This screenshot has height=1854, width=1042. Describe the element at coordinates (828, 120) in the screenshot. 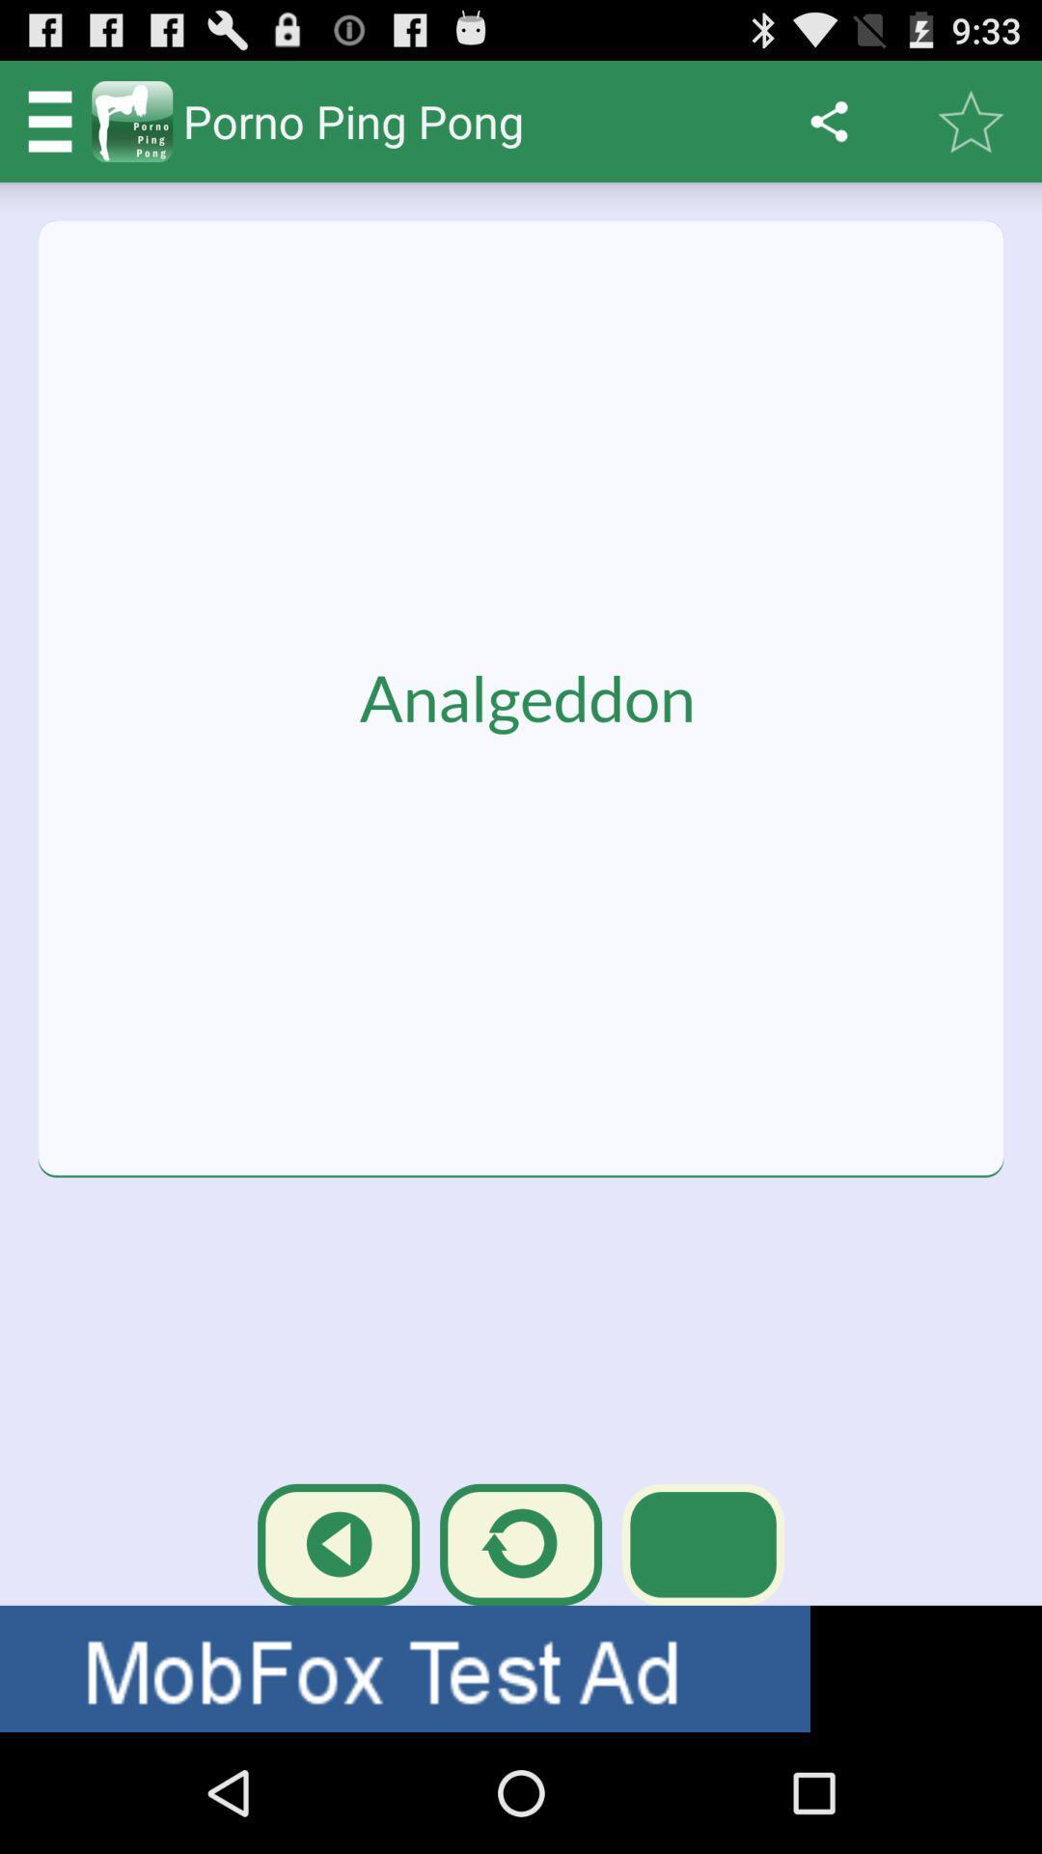

I see `the sharing icon` at that location.